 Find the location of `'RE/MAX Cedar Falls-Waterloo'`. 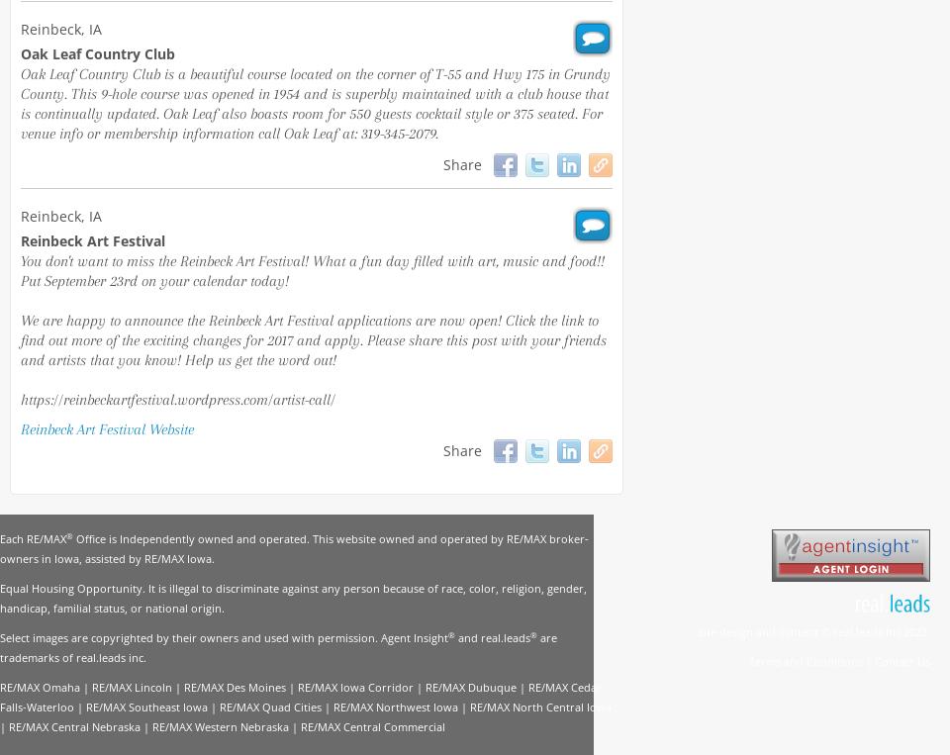

'RE/MAX Cedar Falls-Waterloo' is located at coordinates (301, 696).